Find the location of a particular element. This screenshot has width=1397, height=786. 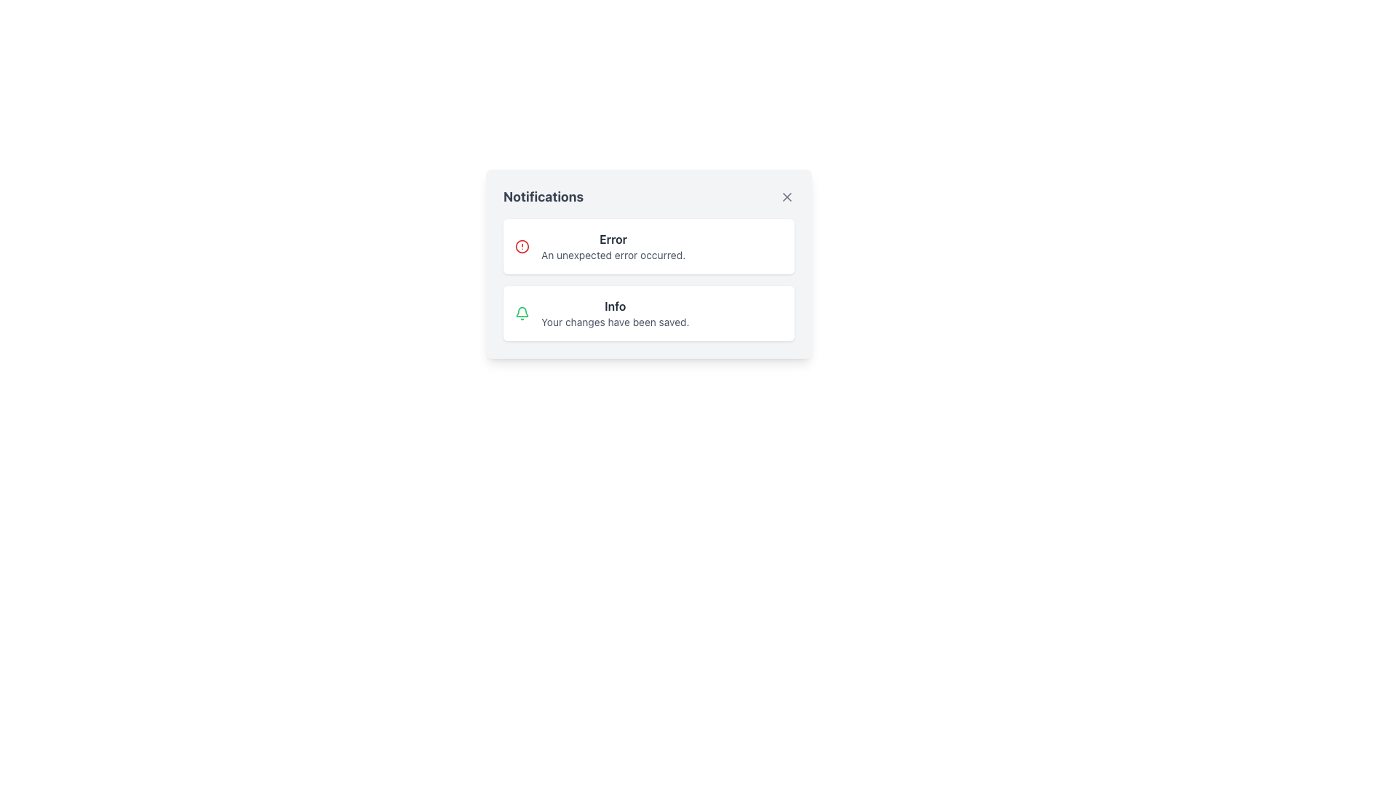

the close button located in the upper-right corner of the notification panel is located at coordinates (786, 196).